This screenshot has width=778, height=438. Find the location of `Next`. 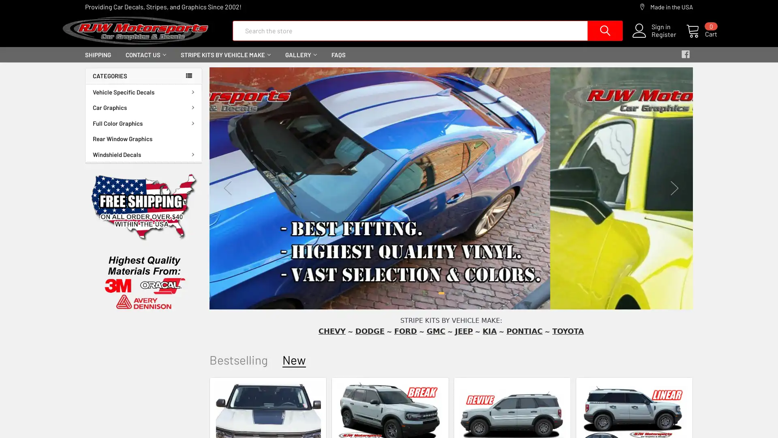

Next is located at coordinates (675, 195).